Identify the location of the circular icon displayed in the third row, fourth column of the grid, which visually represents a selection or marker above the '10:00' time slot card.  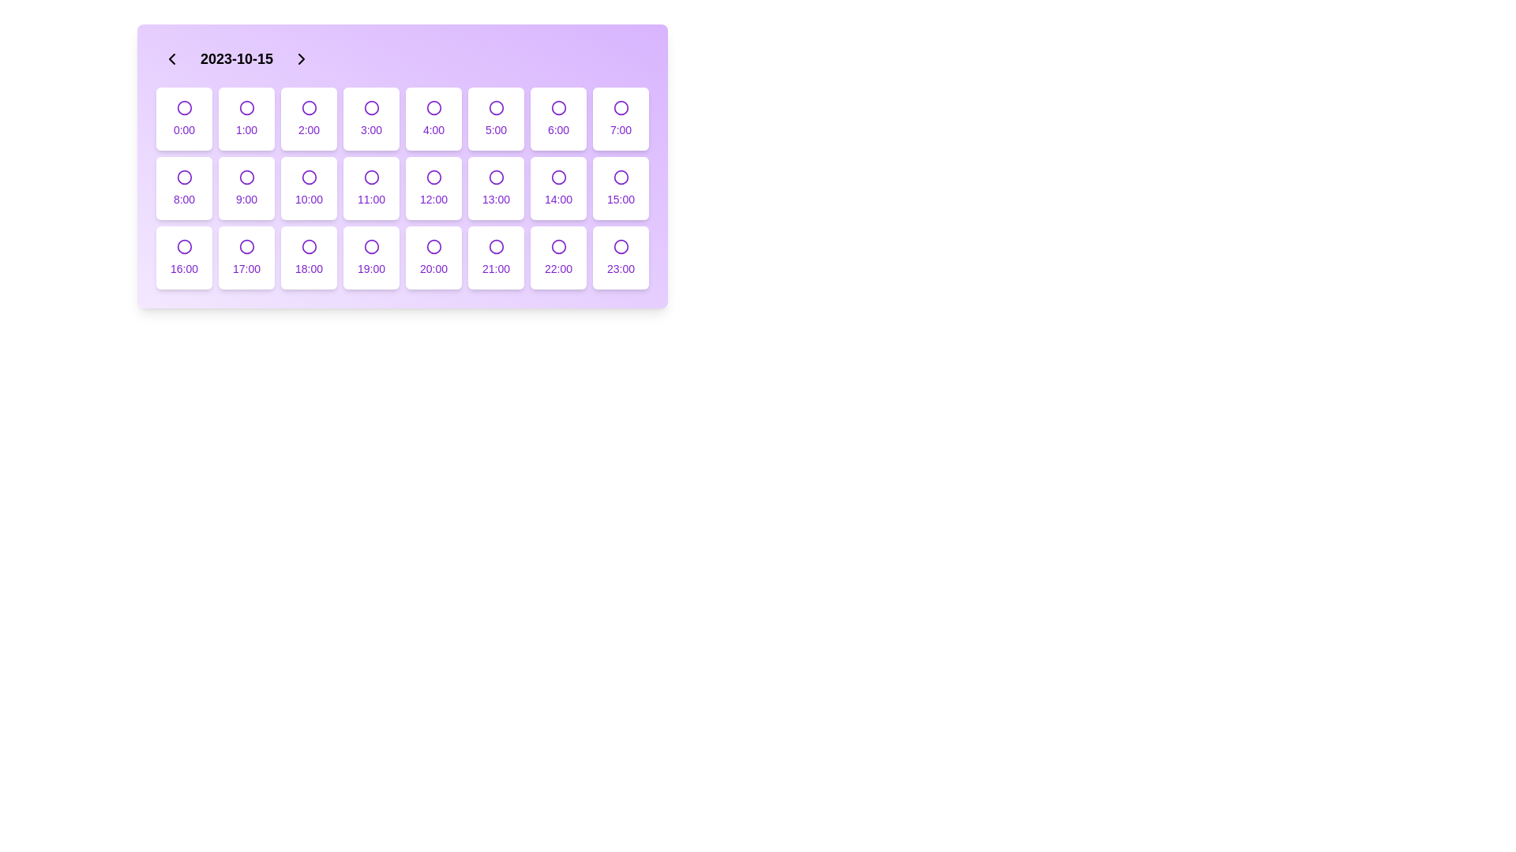
(309, 177).